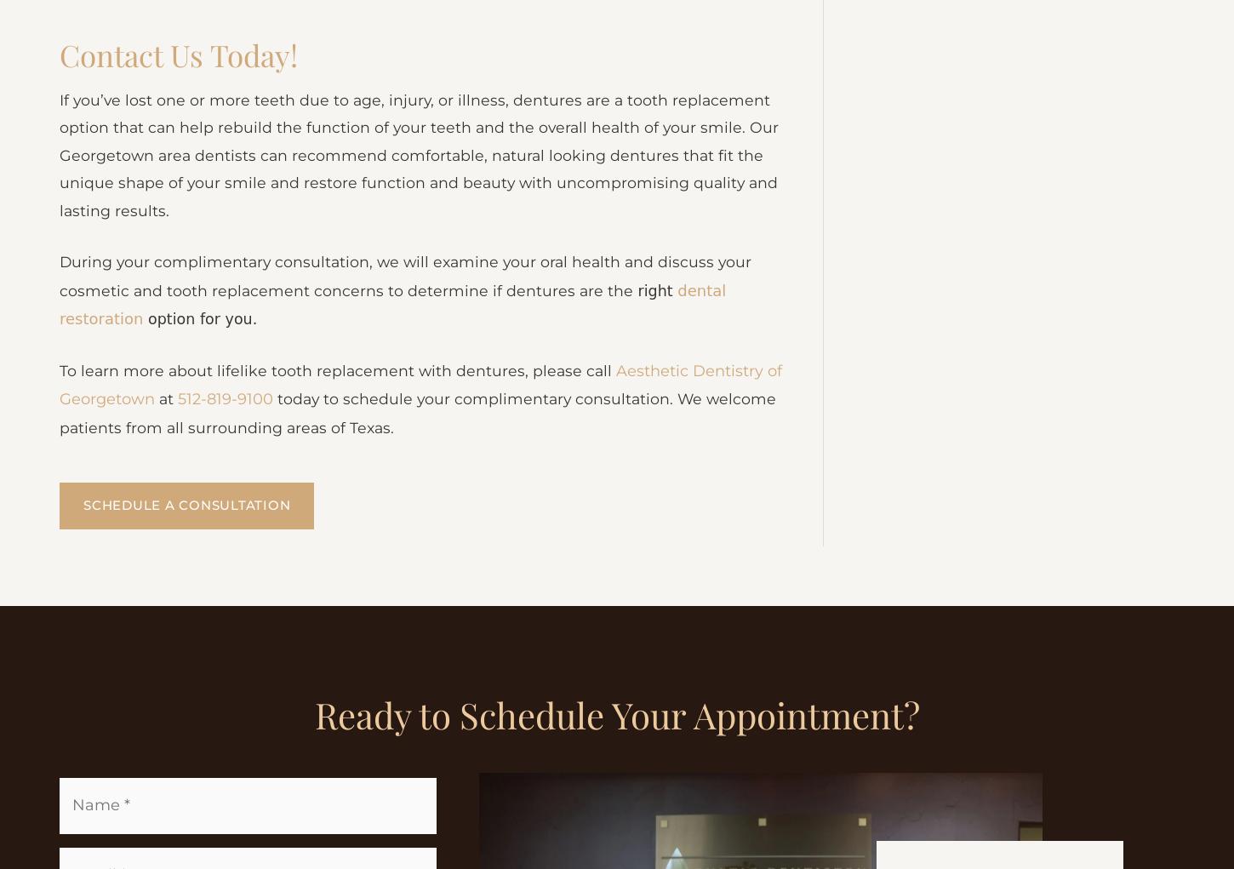  I want to click on 'today to schedule your complimentary consultation. We welcome patients from all surrounding areas of Texas.', so click(421, 533).